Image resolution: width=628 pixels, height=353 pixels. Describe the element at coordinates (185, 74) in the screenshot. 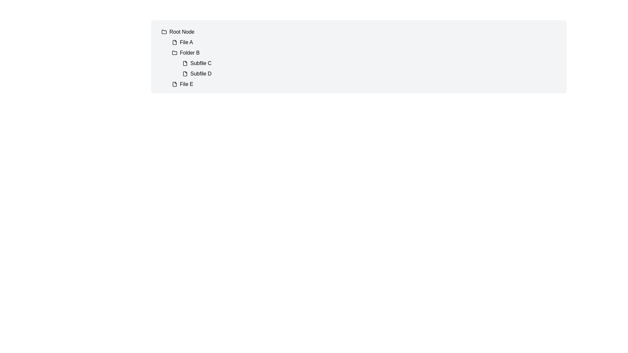

I see `the file icon that signifies 'Subfile D', located under 'Folder B'` at that location.